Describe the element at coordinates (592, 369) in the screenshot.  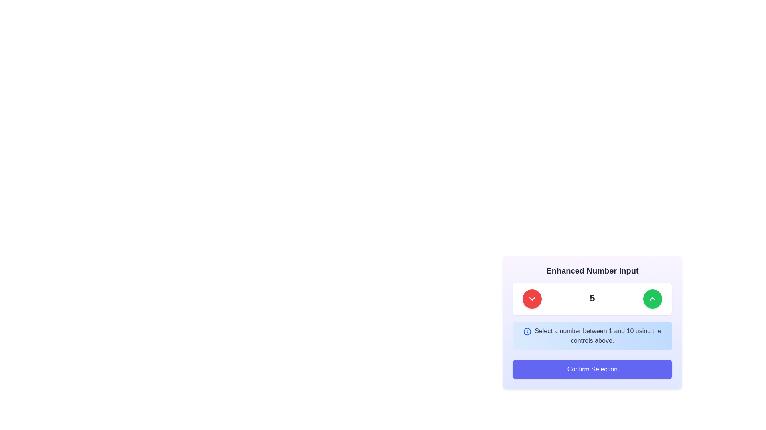
I see `the confirmation button located at the bottom of the card in the lower right part of the viewport to confirm the user's selection of a number from the input above` at that location.